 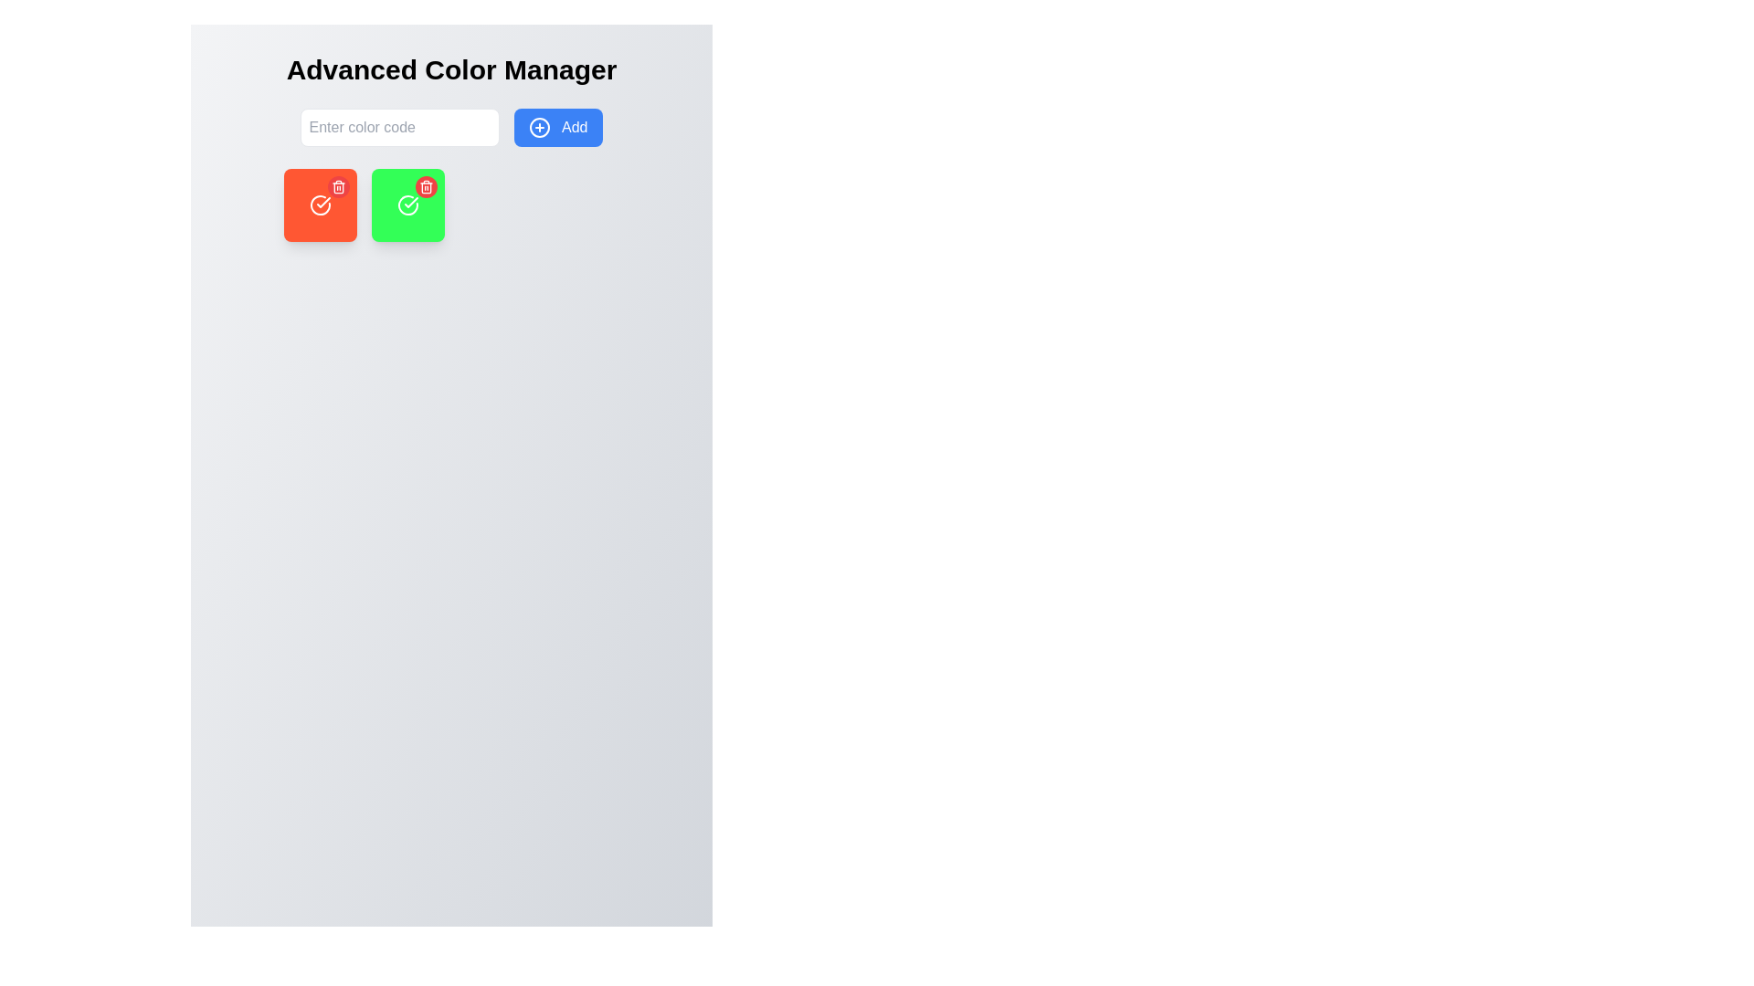 What do you see at coordinates (338, 186) in the screenshot?
I see `the delete button located at the top-right corner of the red square panel on the left side of the interface, below the input field and 'Add' button` at bounding box center [338, 186].